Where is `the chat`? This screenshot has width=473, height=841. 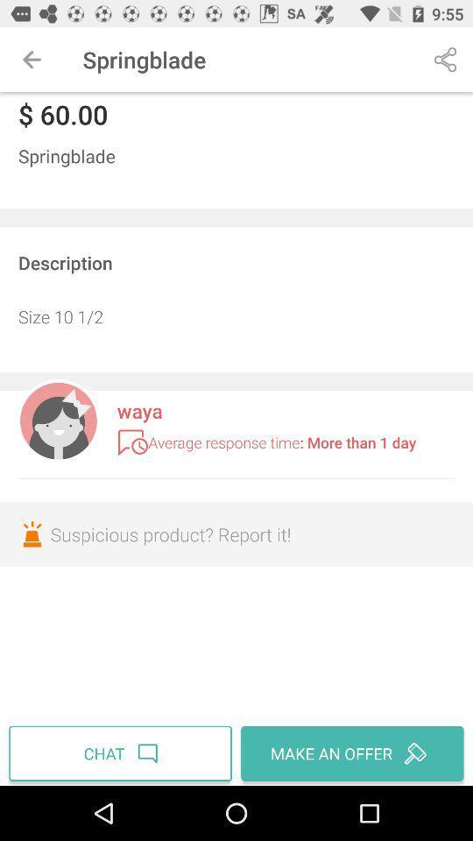 the chat is located at coordinates (122, 753).